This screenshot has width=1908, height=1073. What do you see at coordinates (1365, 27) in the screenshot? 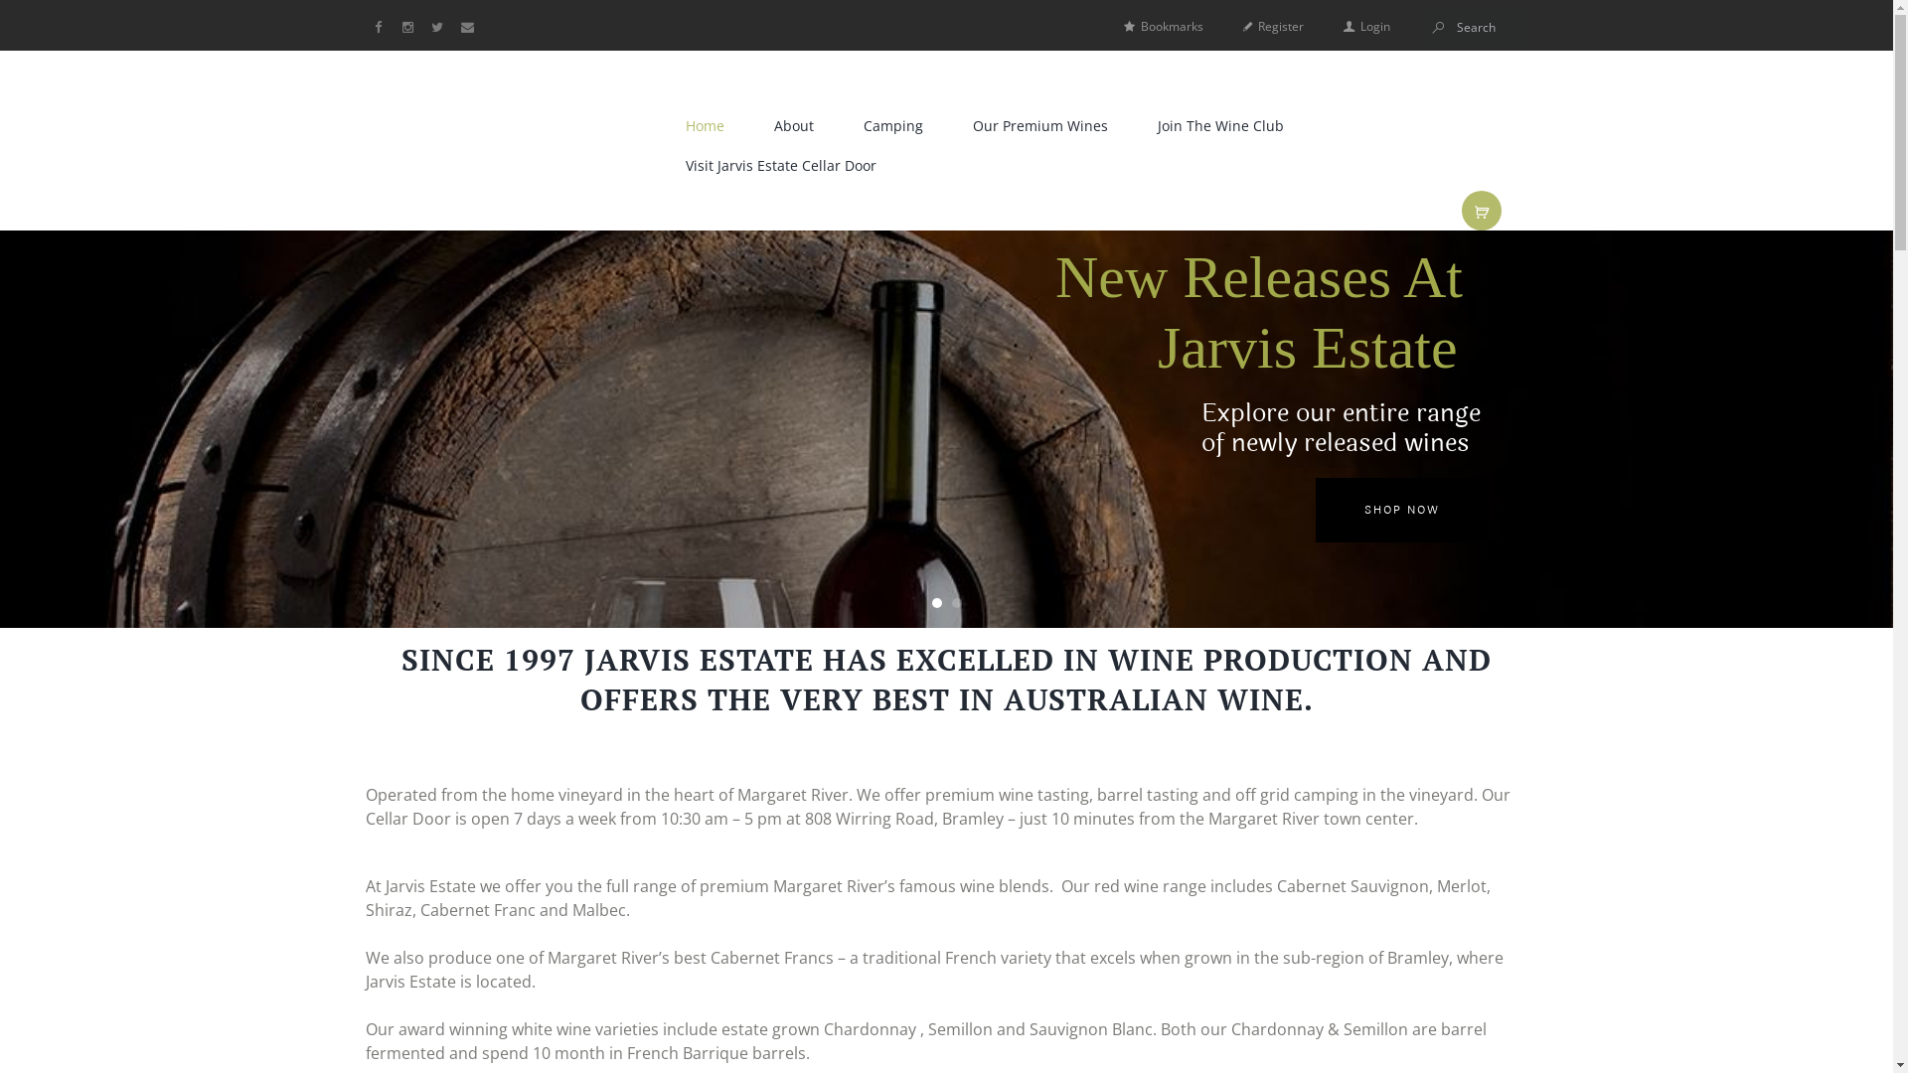
I see `'Login'` at bounding box center [1365, 27].